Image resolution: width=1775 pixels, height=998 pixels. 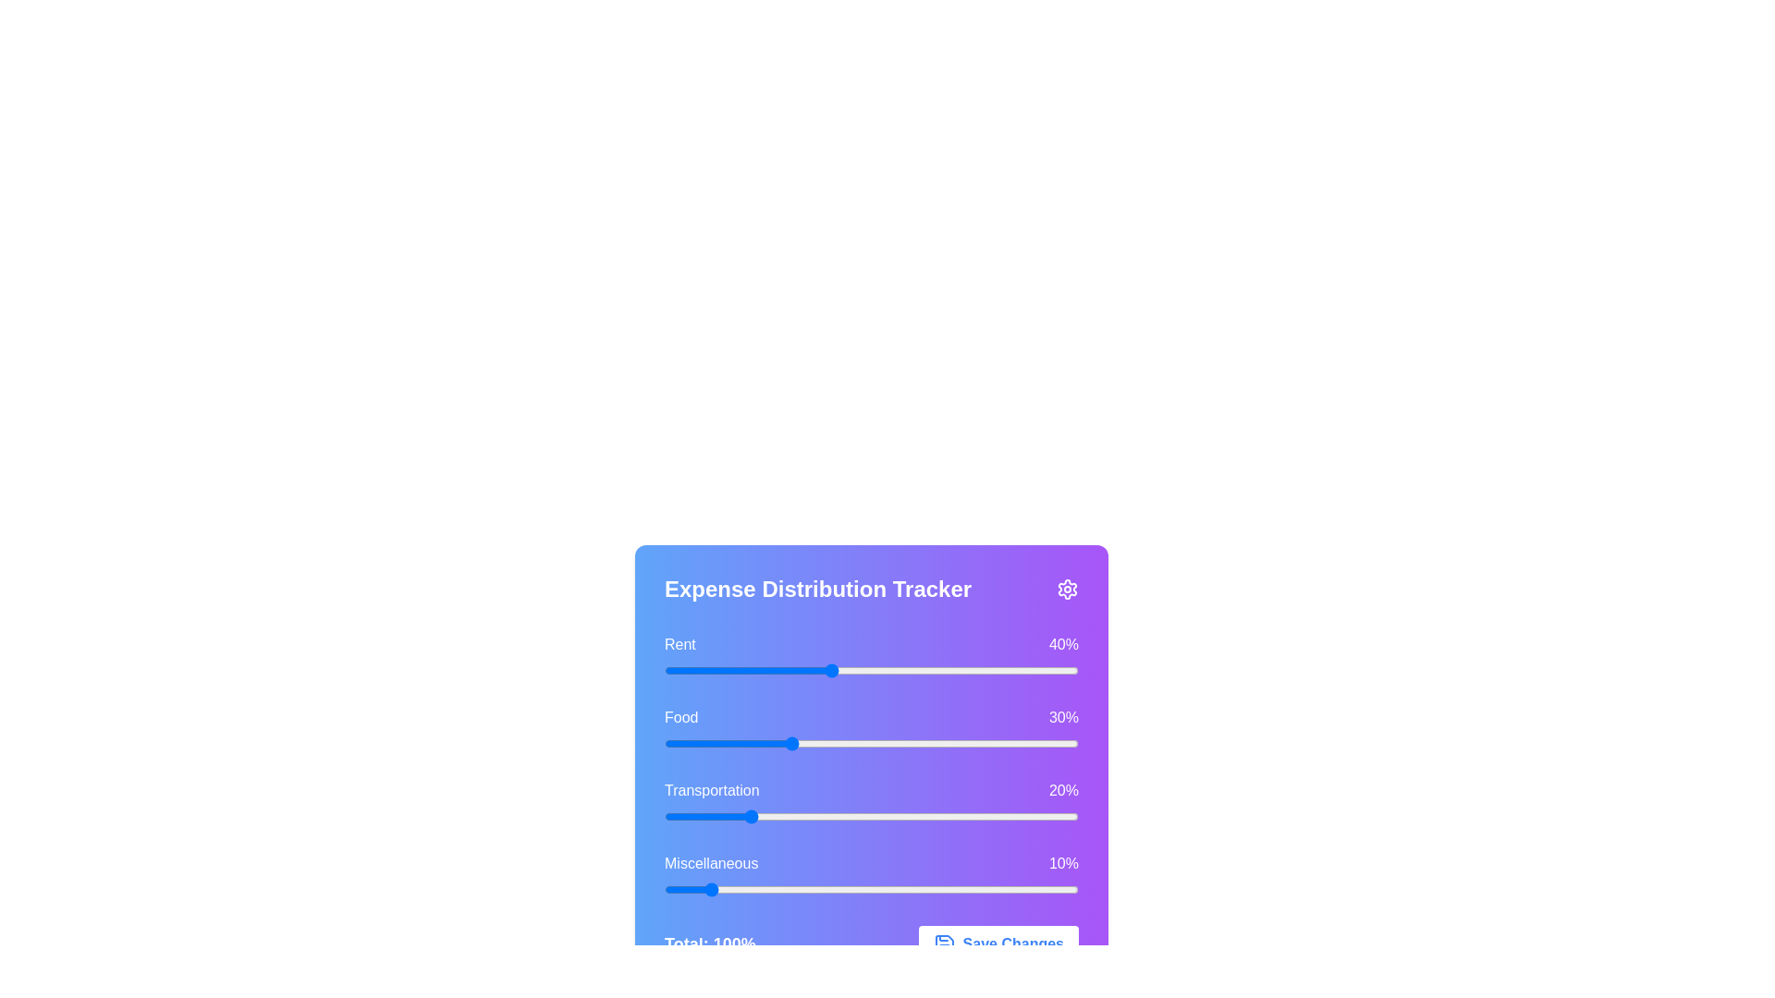 What do you see at coordinates (1015, 889) in the screenshot?
I see `the Miscellaneous slider` at bounding box center [1015, 889].